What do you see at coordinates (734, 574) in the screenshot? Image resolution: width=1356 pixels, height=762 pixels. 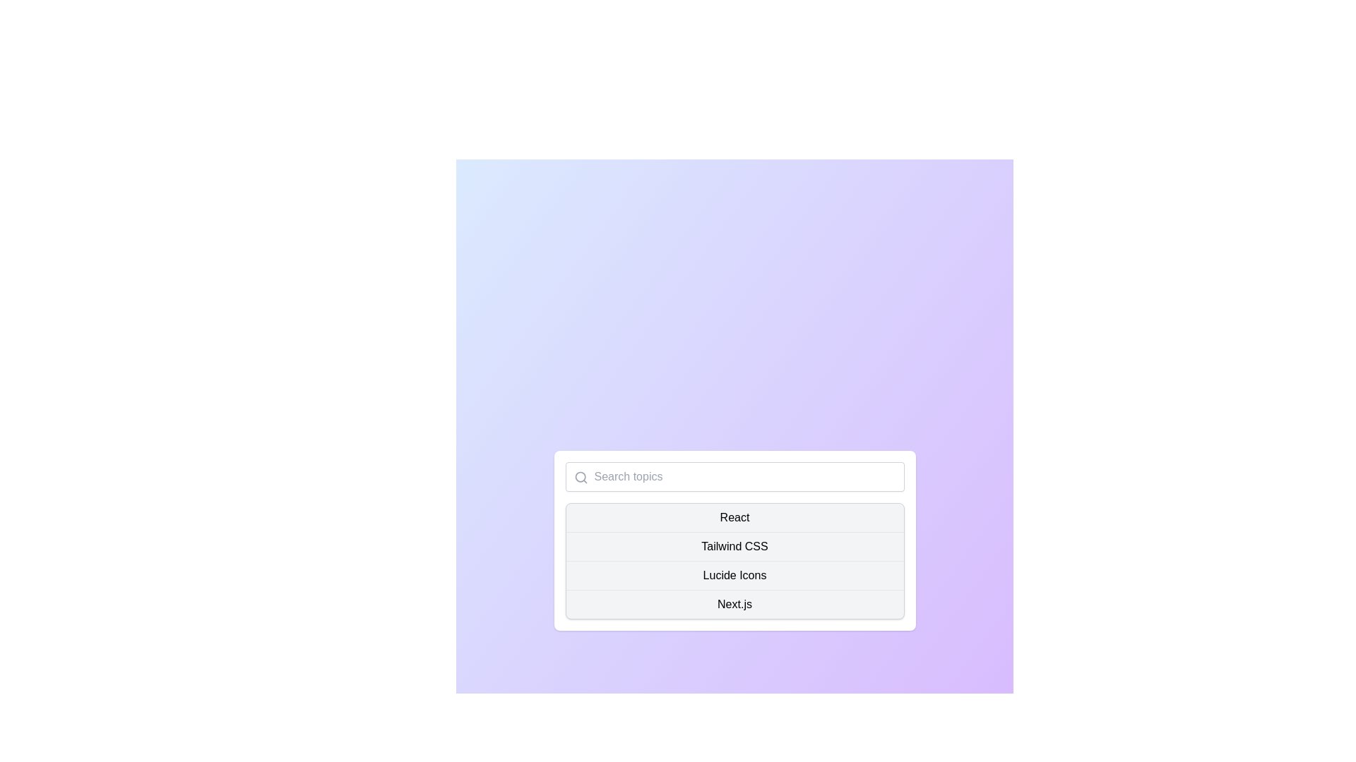 I see `the 'Lucide Icons' option in the dropdown menu to trigger hover styling effects` at bounding box center [734, 574].